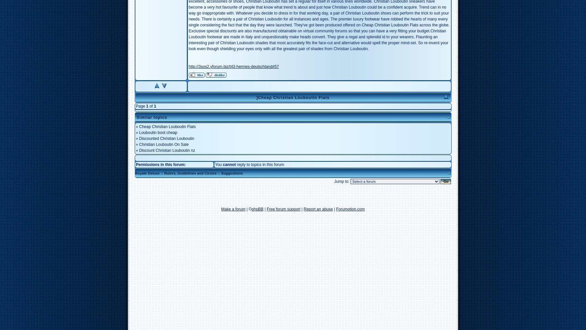  What do you see at coordinates (163, 145) in the screenshot?
I see `'Christian Louboutin On Sale'` at bounding box center [163, 145].